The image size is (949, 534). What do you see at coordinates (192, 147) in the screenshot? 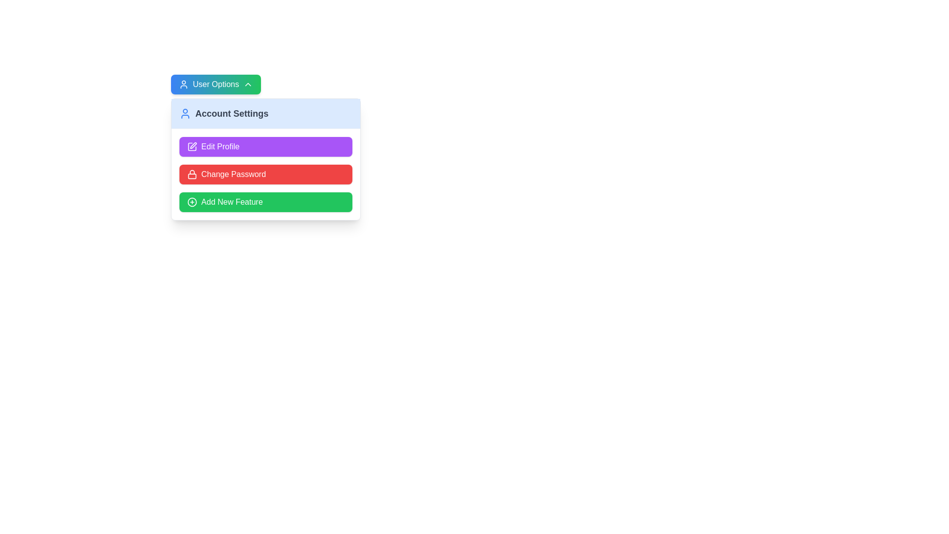
I see `the icon element visually linked to the 'Edit Profile' button, which is a subcomponent of the icon placed as a prefix to the purple button labeled 'Edit Profile' within the 'Account Settings' section` at bounding box center [192, 147].